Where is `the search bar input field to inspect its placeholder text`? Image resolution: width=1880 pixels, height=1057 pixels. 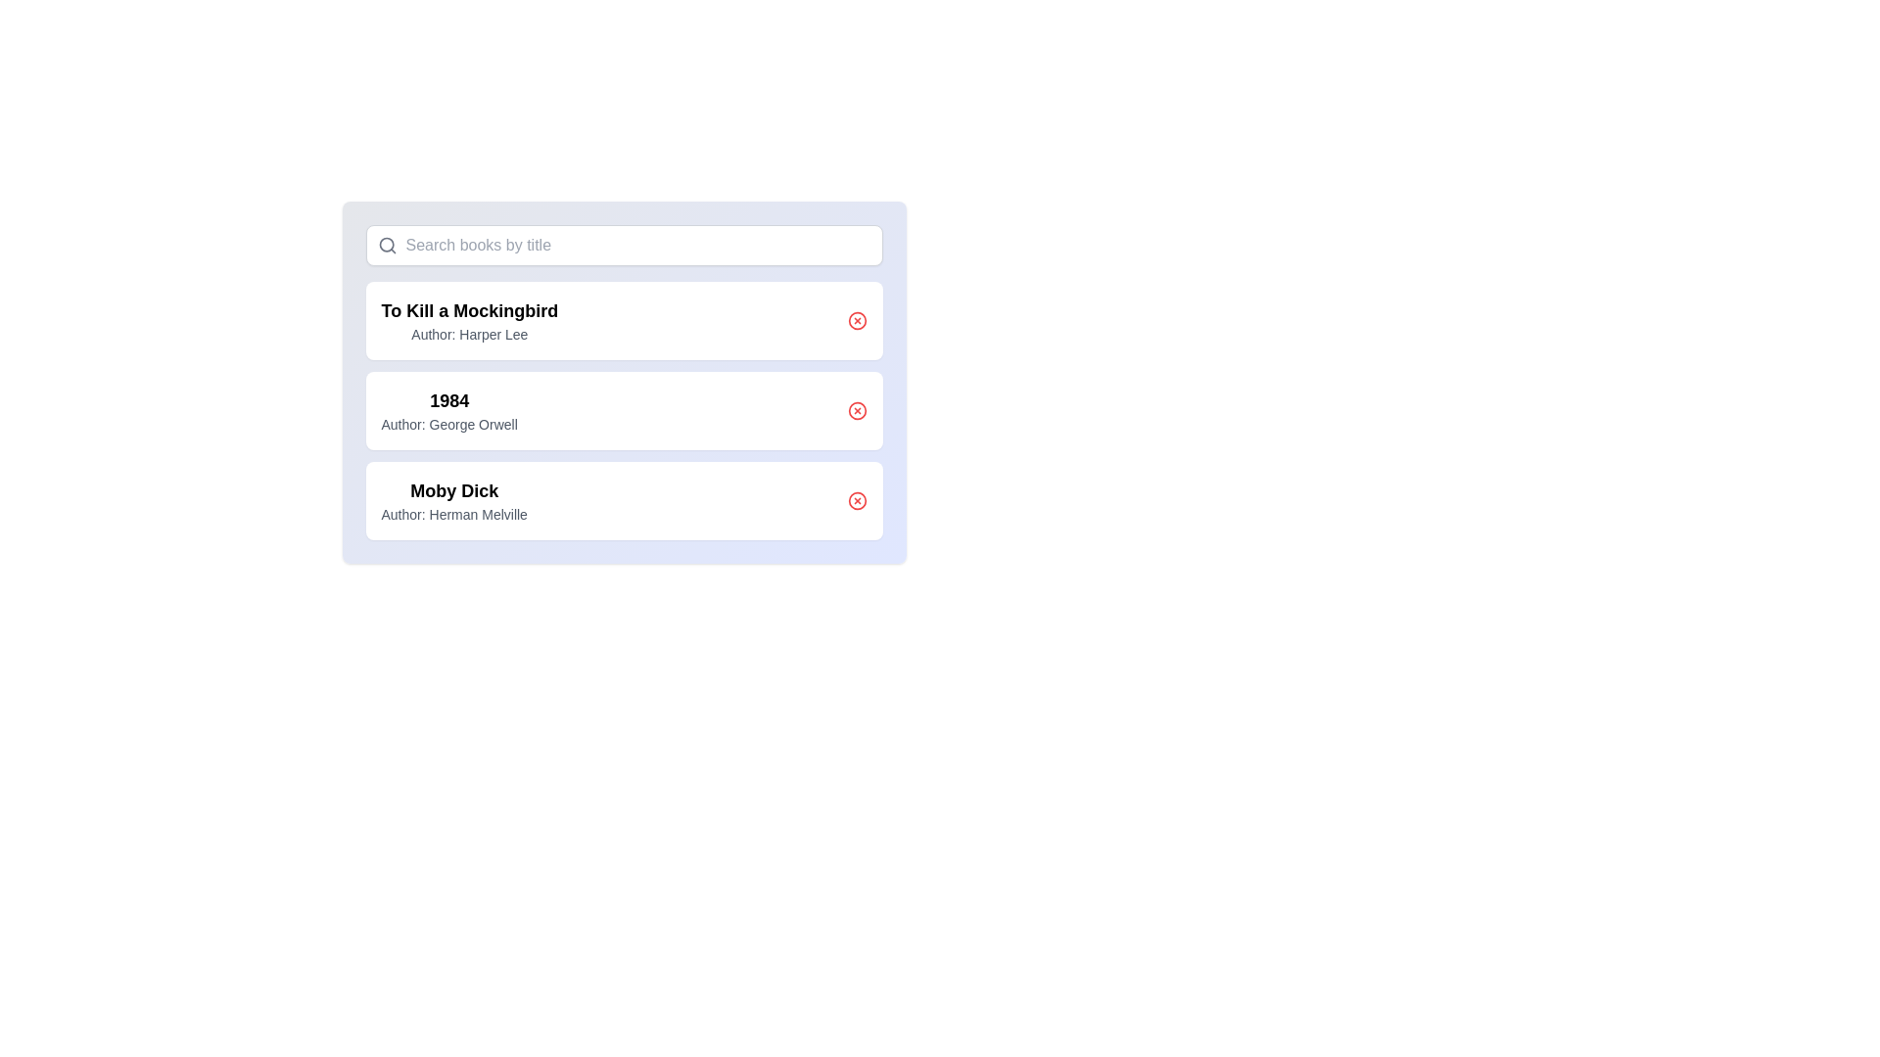
the search bar input field to inspect its placeholder text is located at coordinates (623, 244).